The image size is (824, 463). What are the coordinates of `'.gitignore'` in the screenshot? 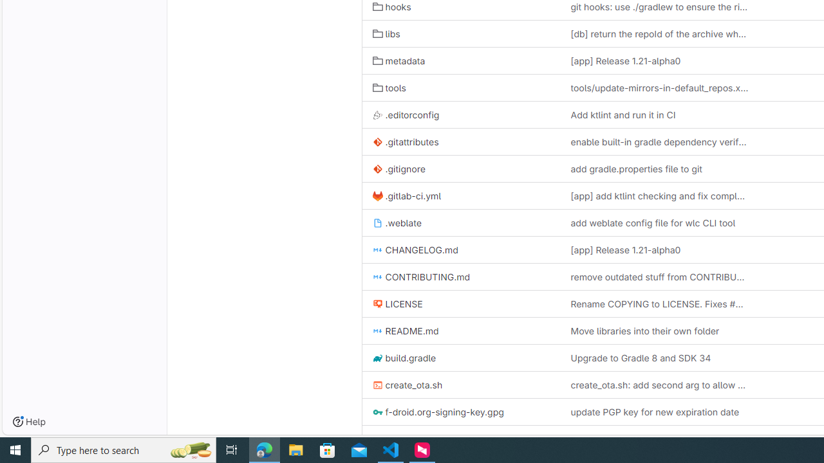 It's located at (398, 168).